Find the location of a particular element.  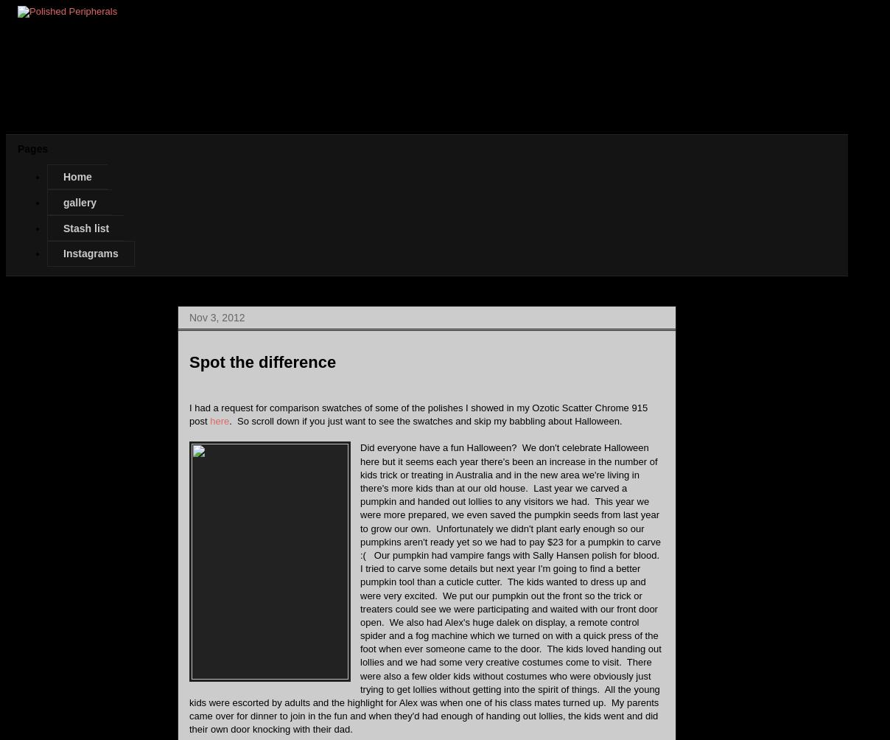

'Instagrams' is located at coordinates (89, 253).